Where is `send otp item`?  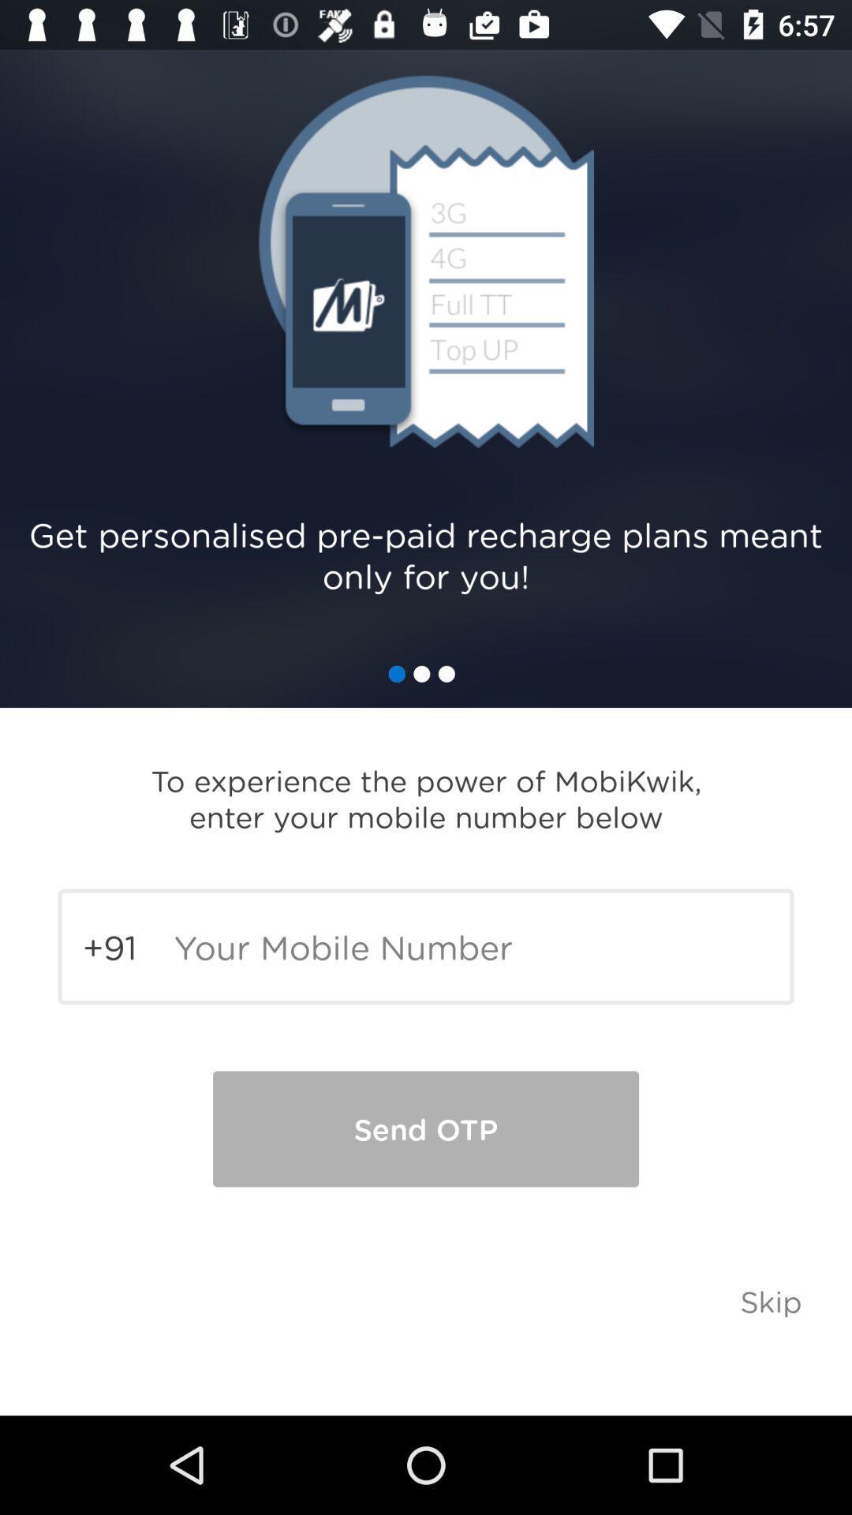
send otp item is located at coordinates (426, 1128).